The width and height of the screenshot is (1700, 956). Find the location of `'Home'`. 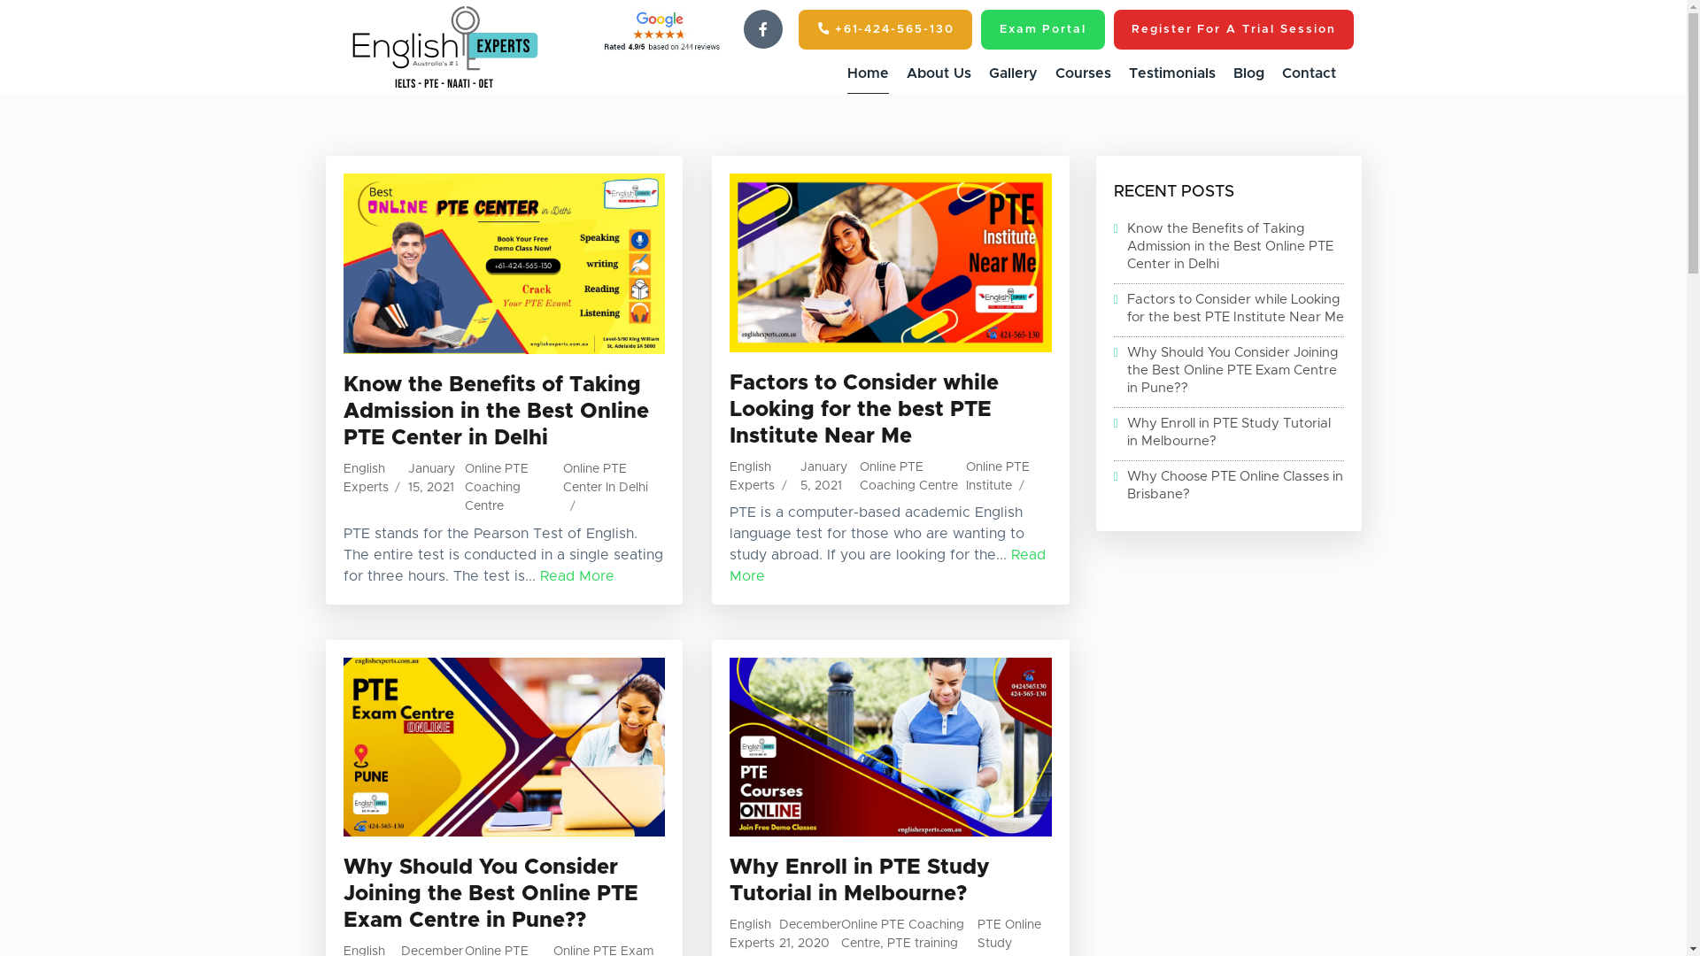

'Home' is located at coordinates (867, 73).